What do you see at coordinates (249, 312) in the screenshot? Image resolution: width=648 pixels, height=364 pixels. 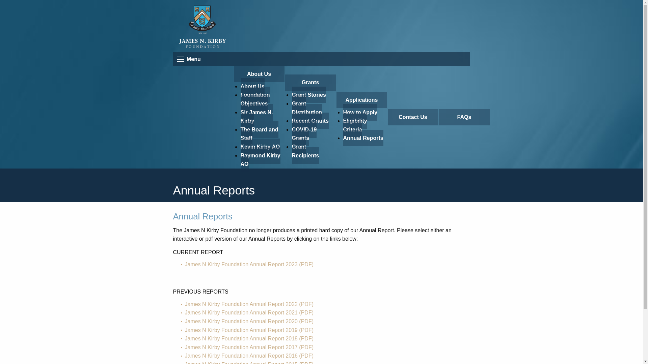 I see `'James N Kirby Foundation Annual Report 2021 (PDF)'` at bounding box center [249, 312].